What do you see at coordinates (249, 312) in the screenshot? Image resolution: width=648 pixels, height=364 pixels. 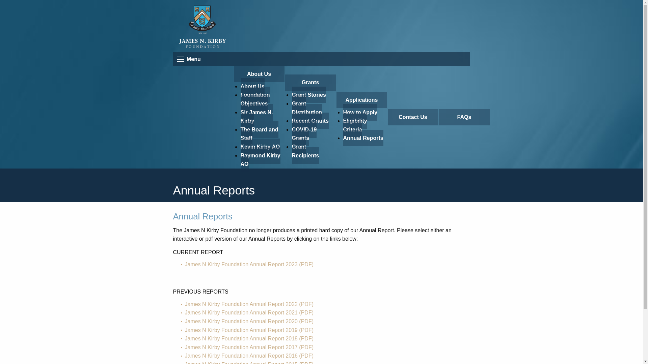 I see `'James N Kirby Foundation Annual Report 2021 (PDF)'` at bounding box center [249, 312].